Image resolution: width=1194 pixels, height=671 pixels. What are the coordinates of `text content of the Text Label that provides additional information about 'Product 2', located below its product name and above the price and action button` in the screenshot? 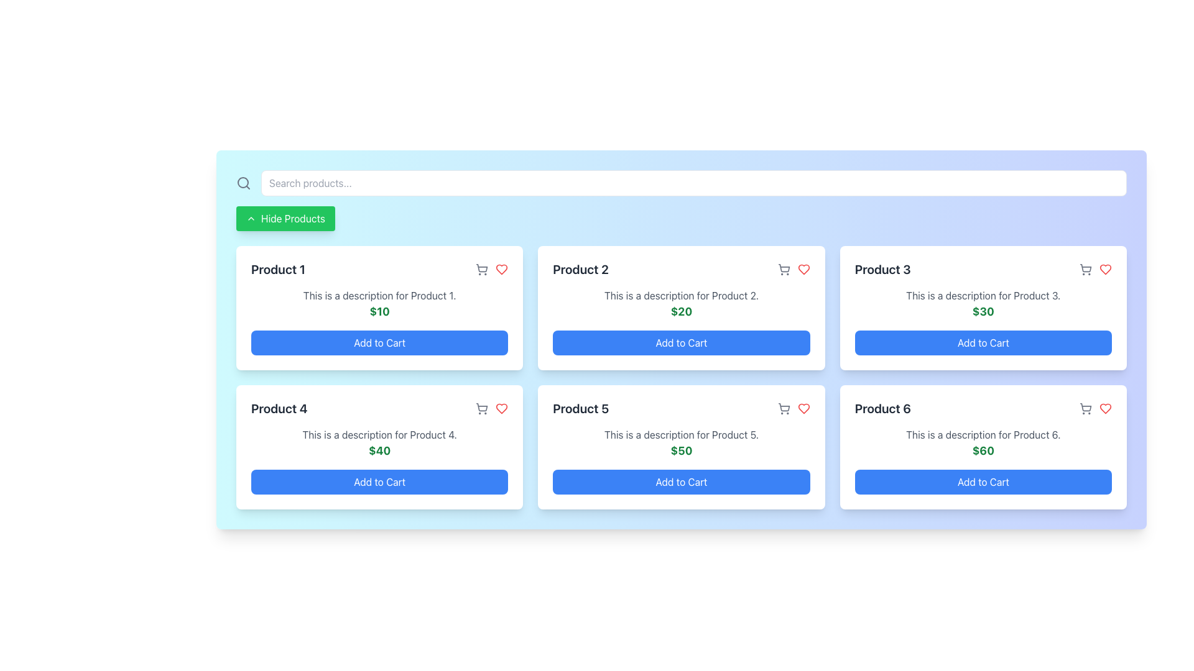 It's located at (680, 295).